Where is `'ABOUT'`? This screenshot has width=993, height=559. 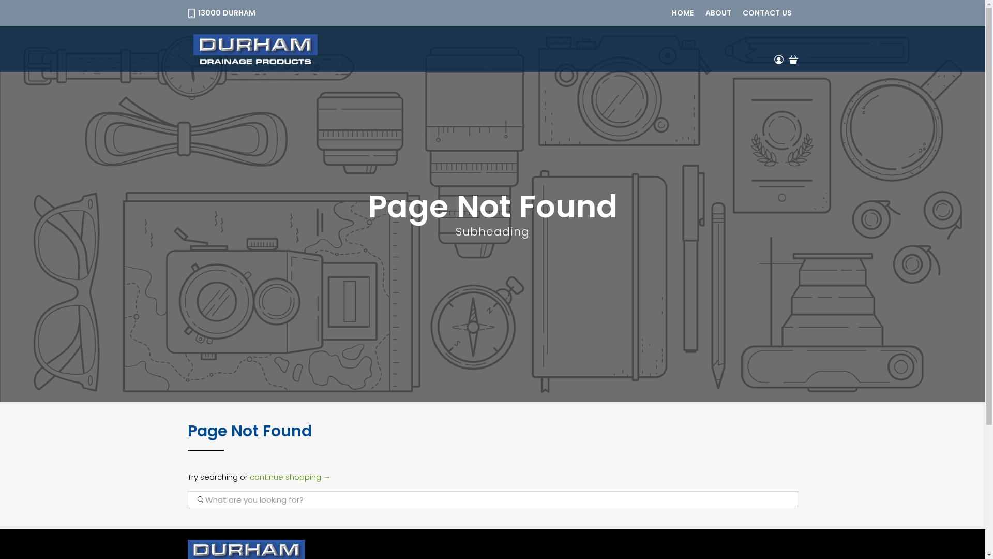 'ABOUT' is located at coordinates (699, 13).